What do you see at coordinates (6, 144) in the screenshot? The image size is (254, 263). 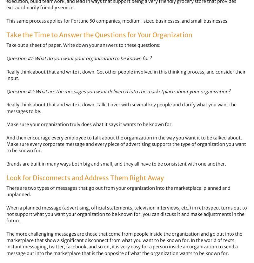 I see `'And then encourage every employee to talk about the organization in the way you want it to be talked about. Make sure every corporate message and every piece of advertising supports the type of organization you want to be known for.'` at bounding box center [6, 144].